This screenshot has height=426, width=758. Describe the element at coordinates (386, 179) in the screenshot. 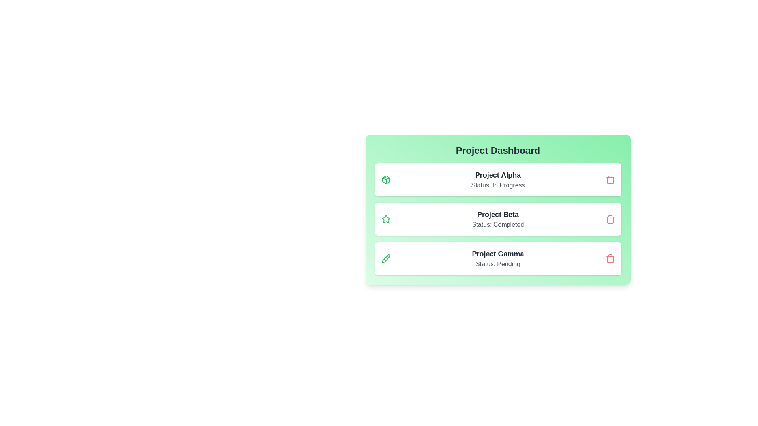

I see `the icon associated with Project Alpha` at that location.